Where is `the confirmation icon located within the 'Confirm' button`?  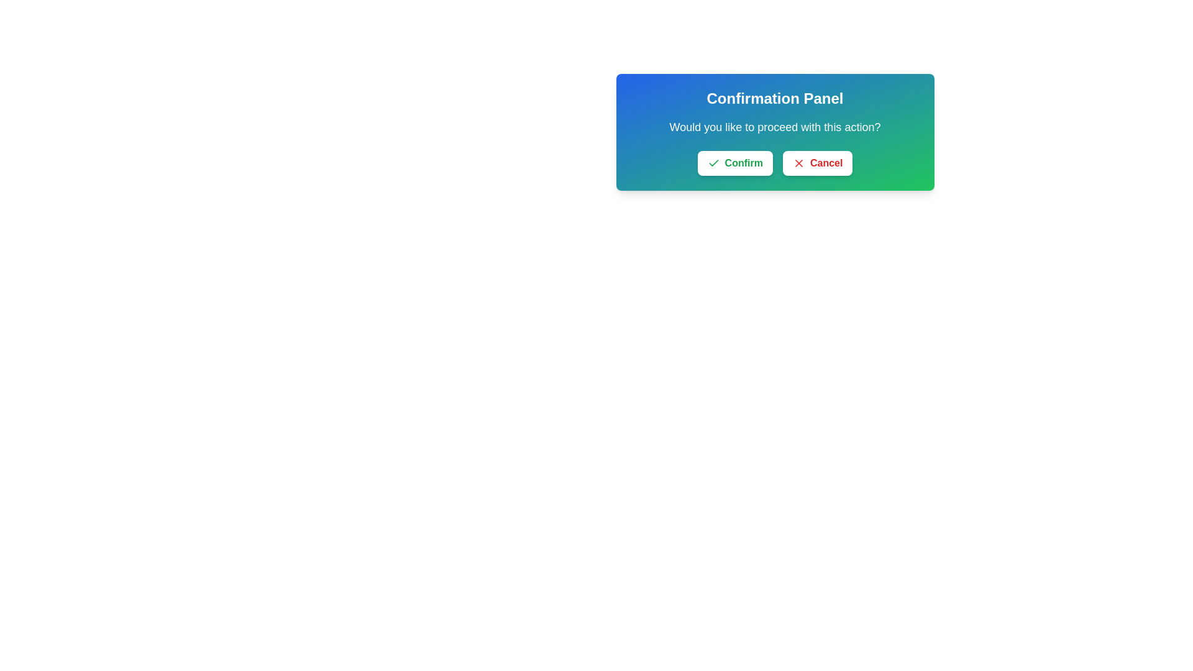 the confirmation icon located within the 'Confirm' button is located at coordinates (713, 162).